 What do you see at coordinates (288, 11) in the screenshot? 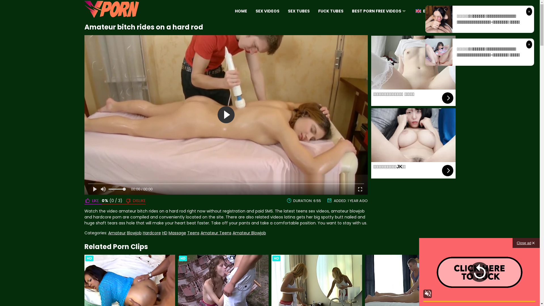
I see `'SEX TUBES'` at bounding box center [288, 11].